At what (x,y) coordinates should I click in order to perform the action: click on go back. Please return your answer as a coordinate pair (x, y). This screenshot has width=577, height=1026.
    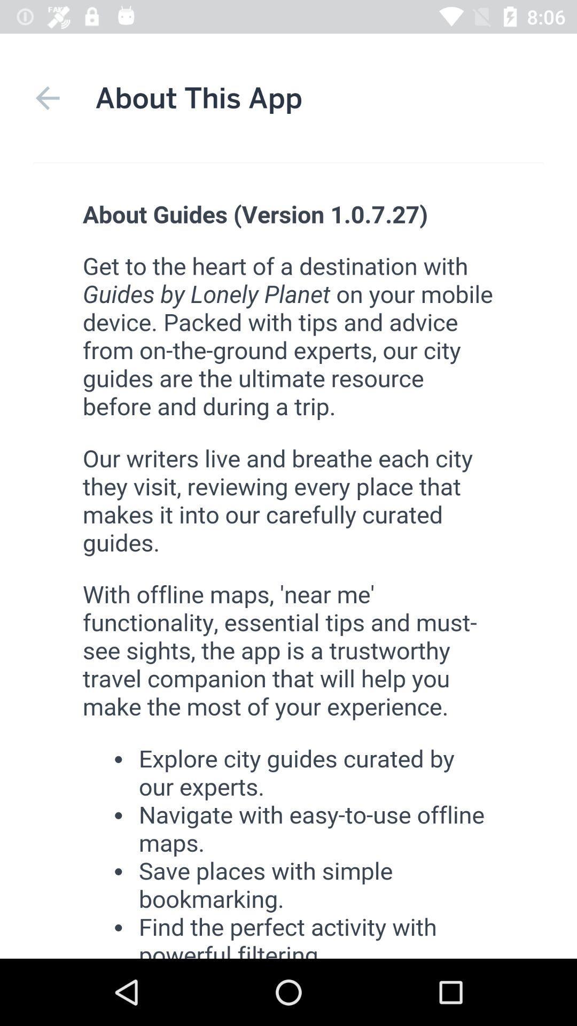
    Looking at the image, I should click on (47, 98).